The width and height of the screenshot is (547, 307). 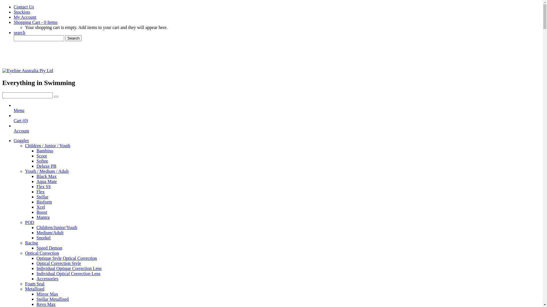 I want to click on 'Stellar Metallised', so click(x=52, y=299).